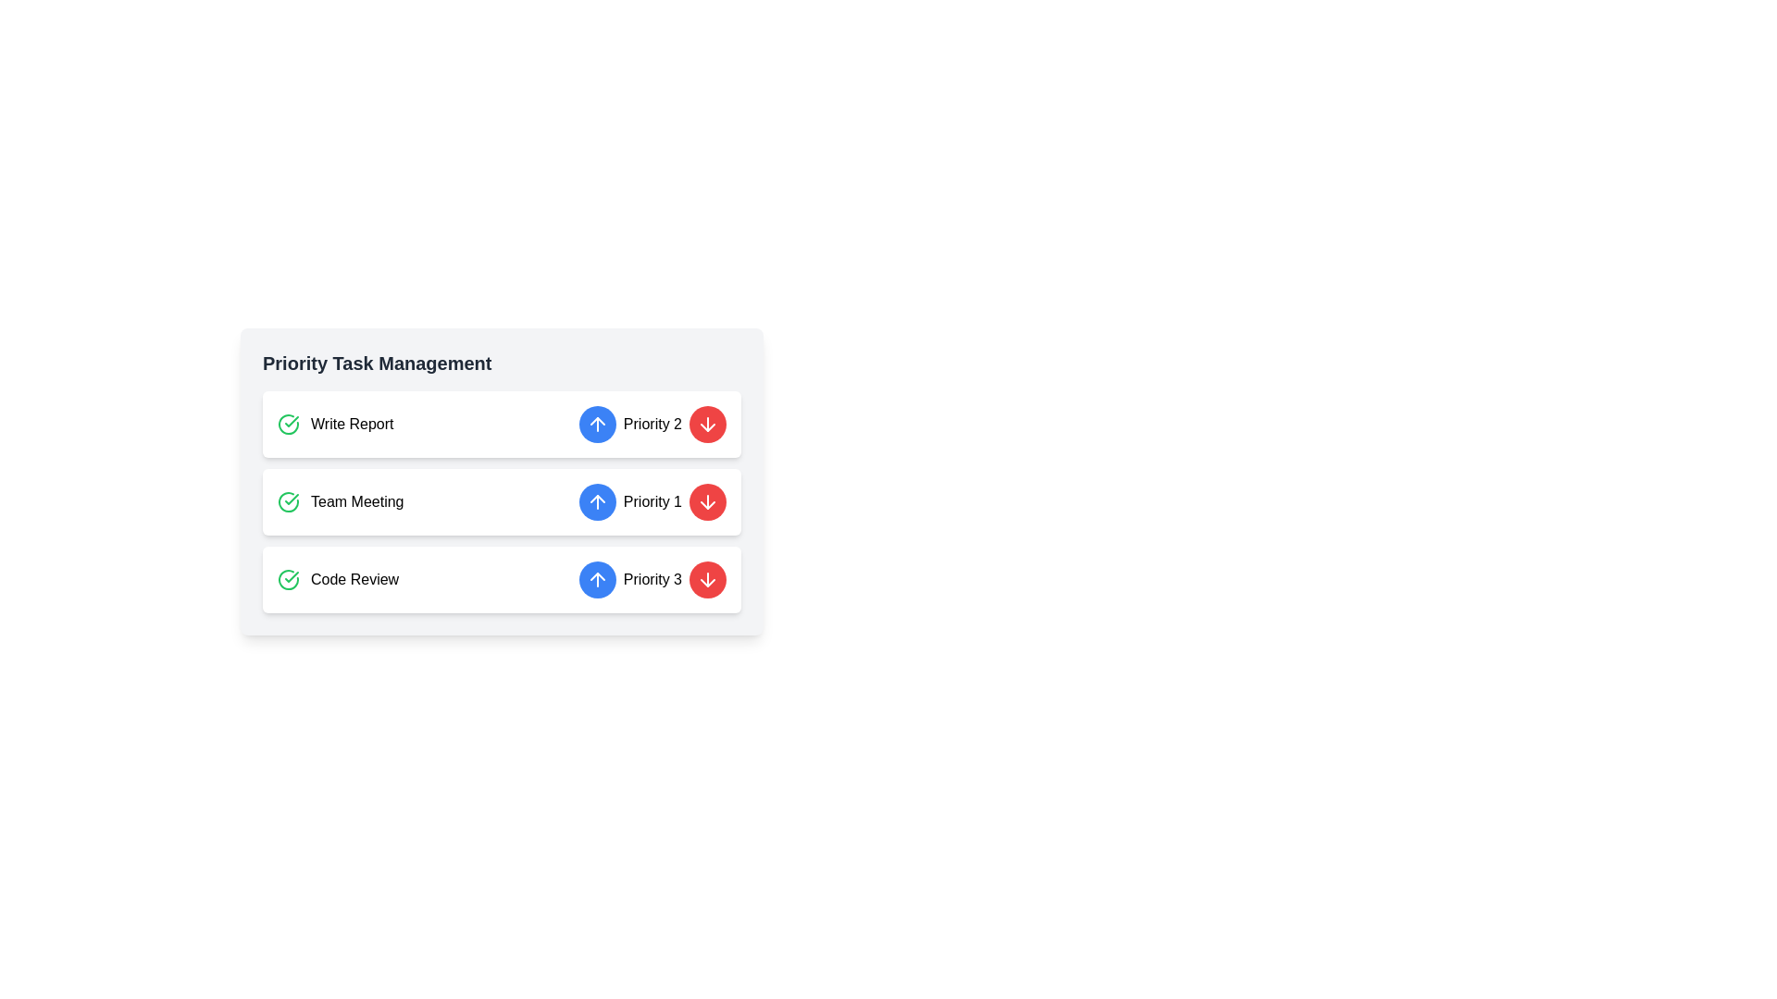 The image size is (1777, 999). I want to click on the circular red button with a white downward arrow at the rightmost position of the 'Priority 3' group to lower the priority, so click(706, 579).